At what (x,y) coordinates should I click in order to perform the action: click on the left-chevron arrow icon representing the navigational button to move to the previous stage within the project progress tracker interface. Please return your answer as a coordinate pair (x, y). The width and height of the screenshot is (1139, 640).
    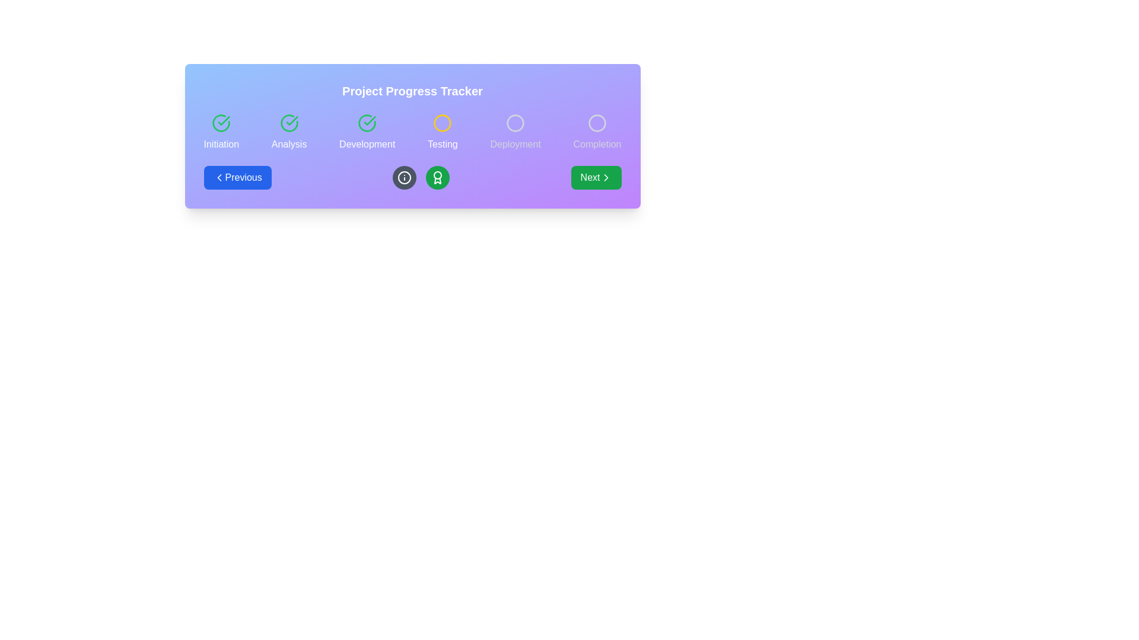
    Looking at the image, I should click on (219, 178).